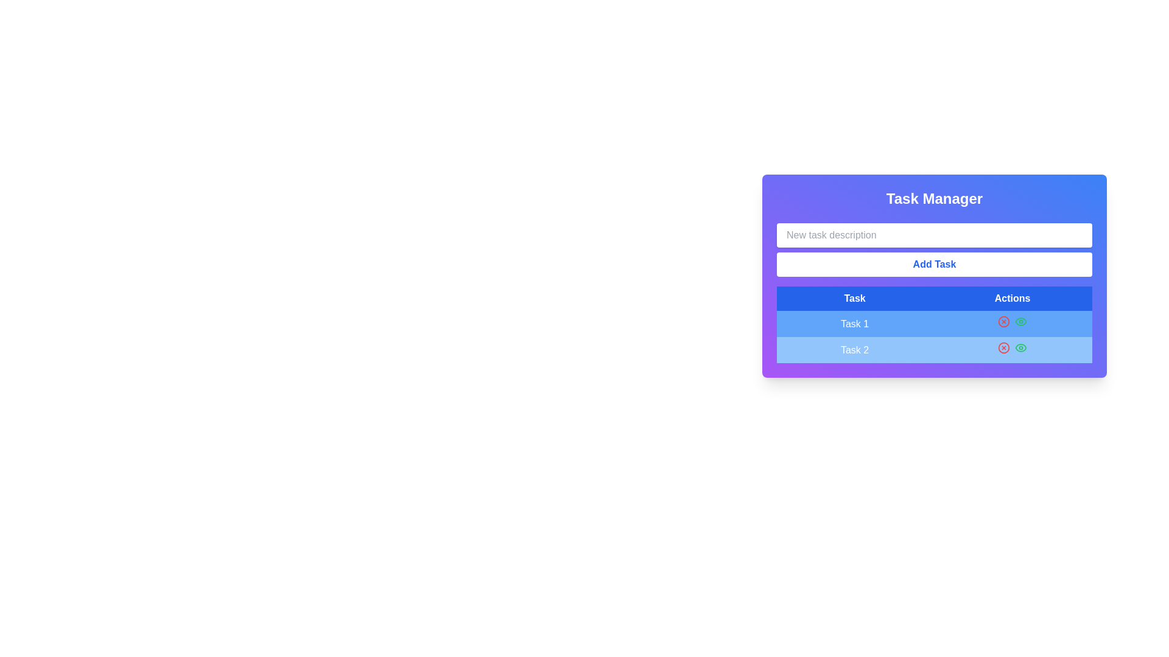  What do you see at coordinates (1004, 347) in the screenshot?
I see `the delete button located in the 'Actions' column of the second row in the Task Manager section` at bounding box center [1004, 347].